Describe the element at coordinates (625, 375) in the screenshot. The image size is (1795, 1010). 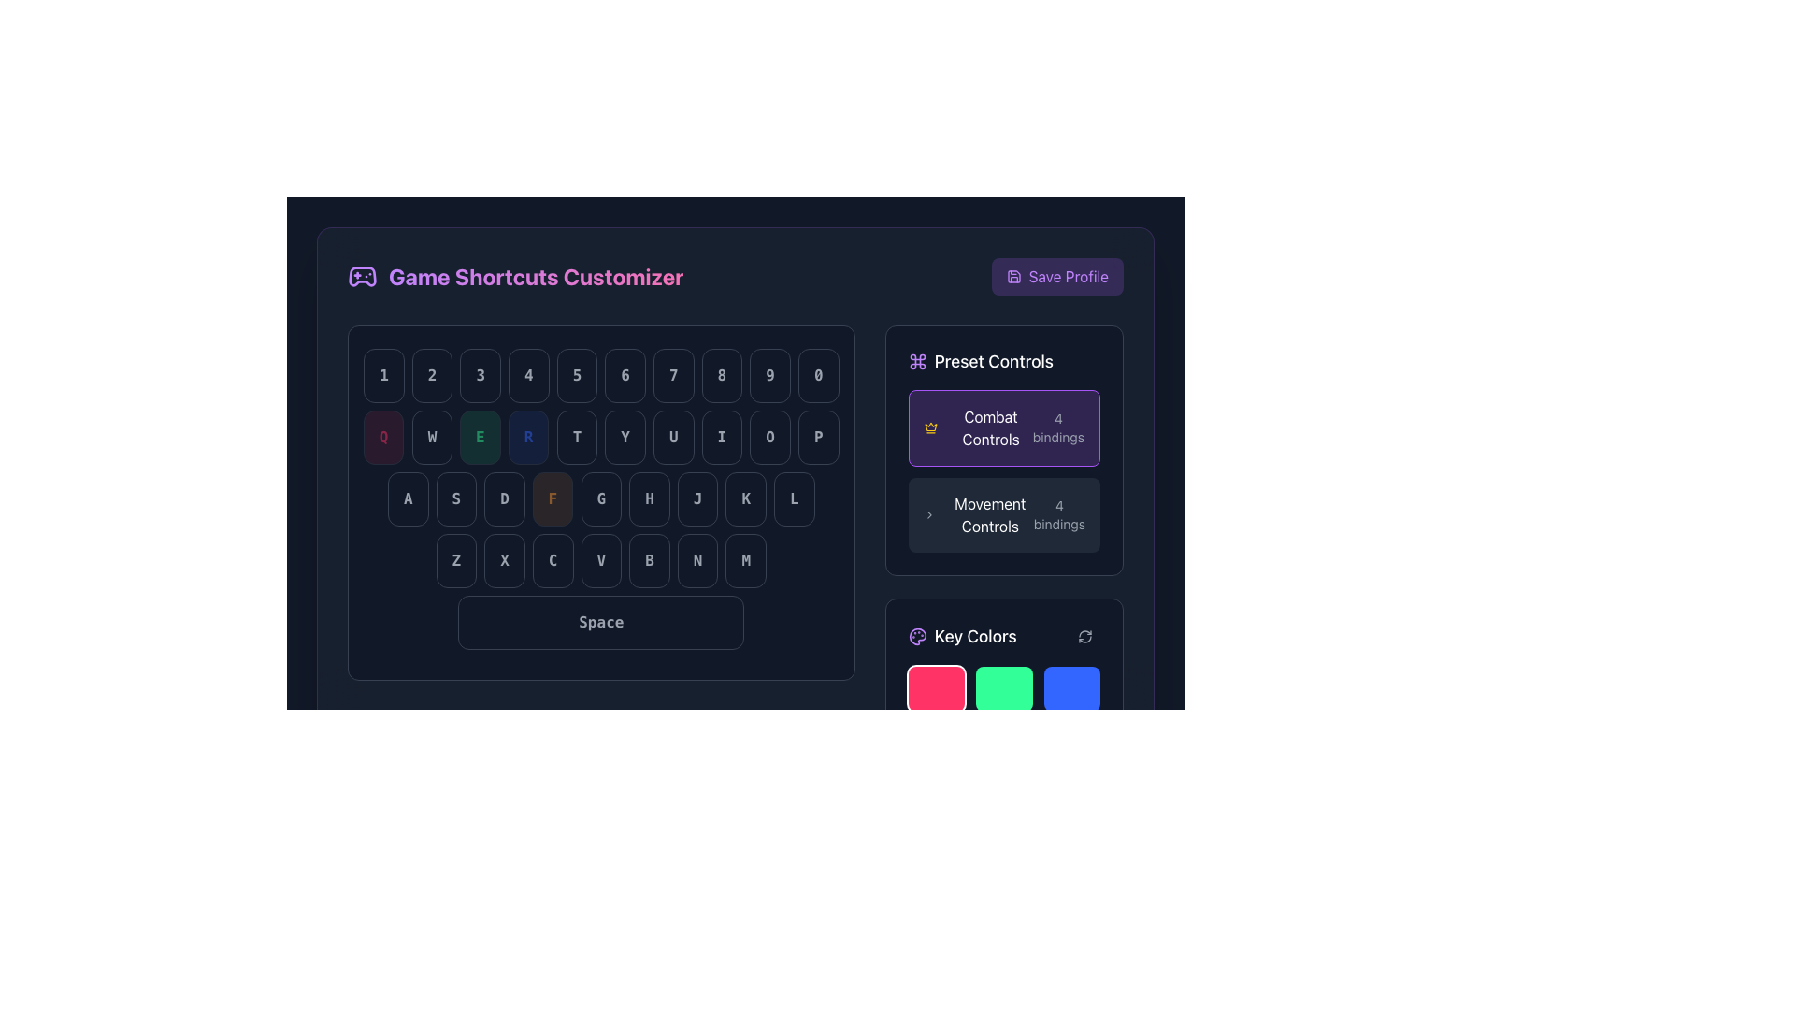
I see `the '6' key button on the virtual keyboard` at that location.